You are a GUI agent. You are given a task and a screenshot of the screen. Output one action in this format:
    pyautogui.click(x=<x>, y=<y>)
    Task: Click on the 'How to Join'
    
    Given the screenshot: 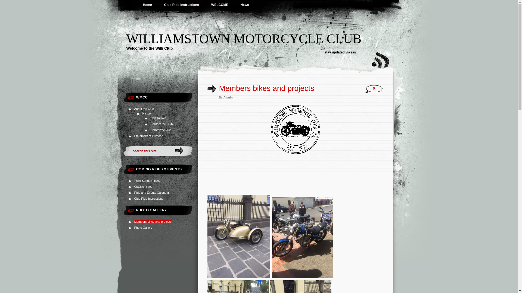 What is the action you would take?
    pyautogui.click(x=158, y=118)
    